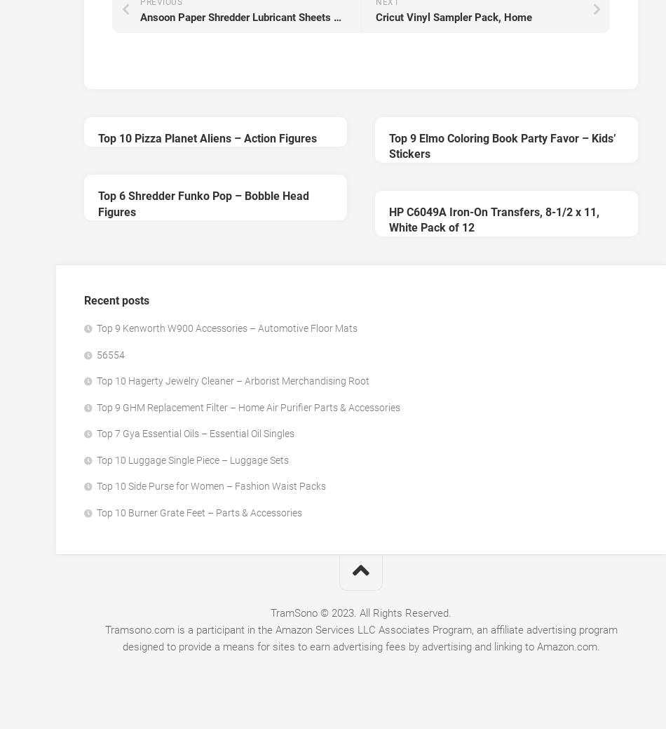 This screenshot has width=666, height=729. Describe the element at coordinates (97, 511) in the screenshot. I see `'Top 10 Burner Grate Feet – Parts & Accessories'` at that location.